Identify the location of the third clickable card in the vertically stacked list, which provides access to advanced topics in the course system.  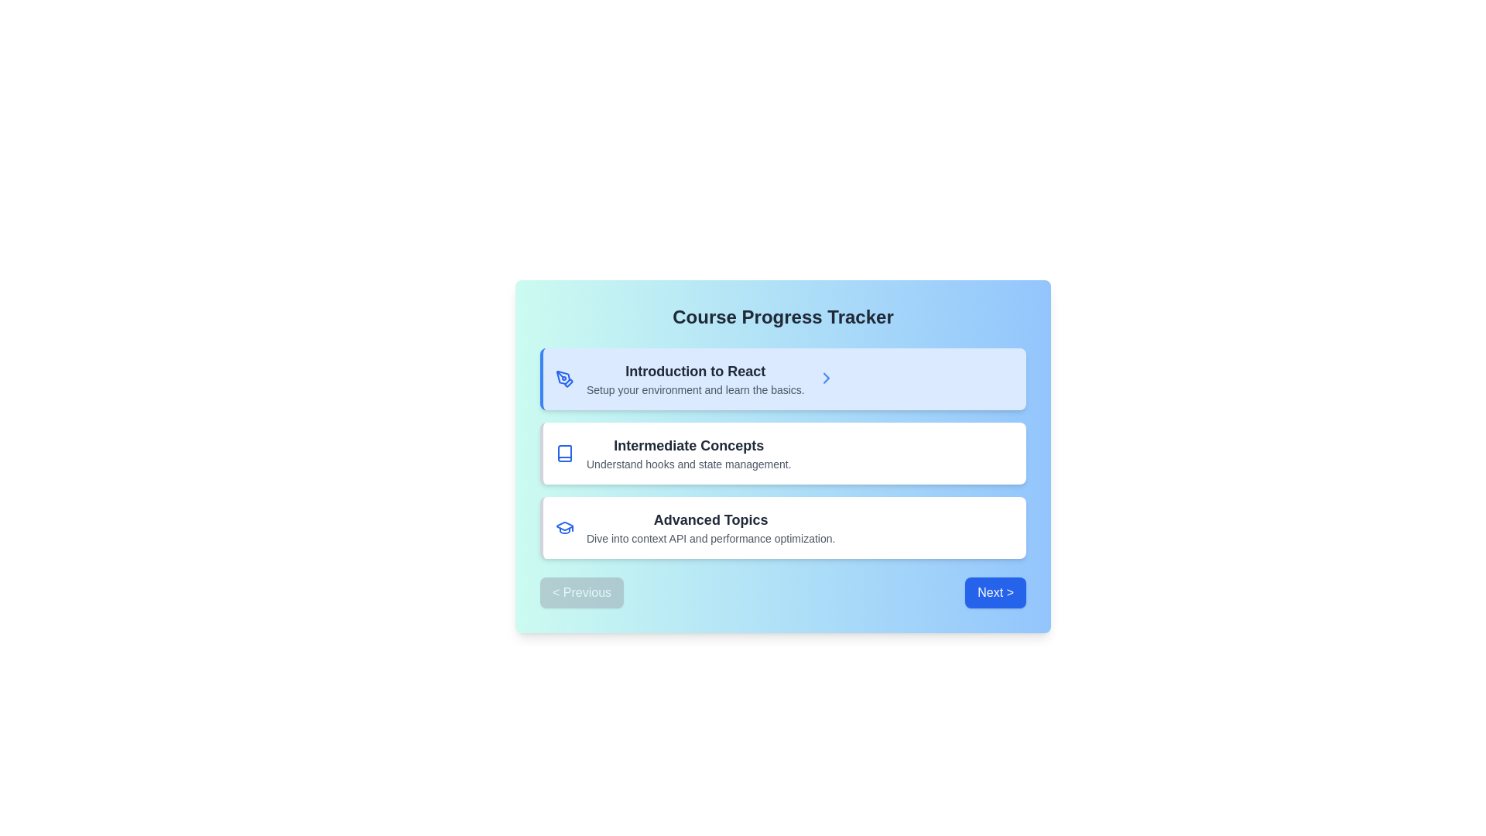
(710, 527).